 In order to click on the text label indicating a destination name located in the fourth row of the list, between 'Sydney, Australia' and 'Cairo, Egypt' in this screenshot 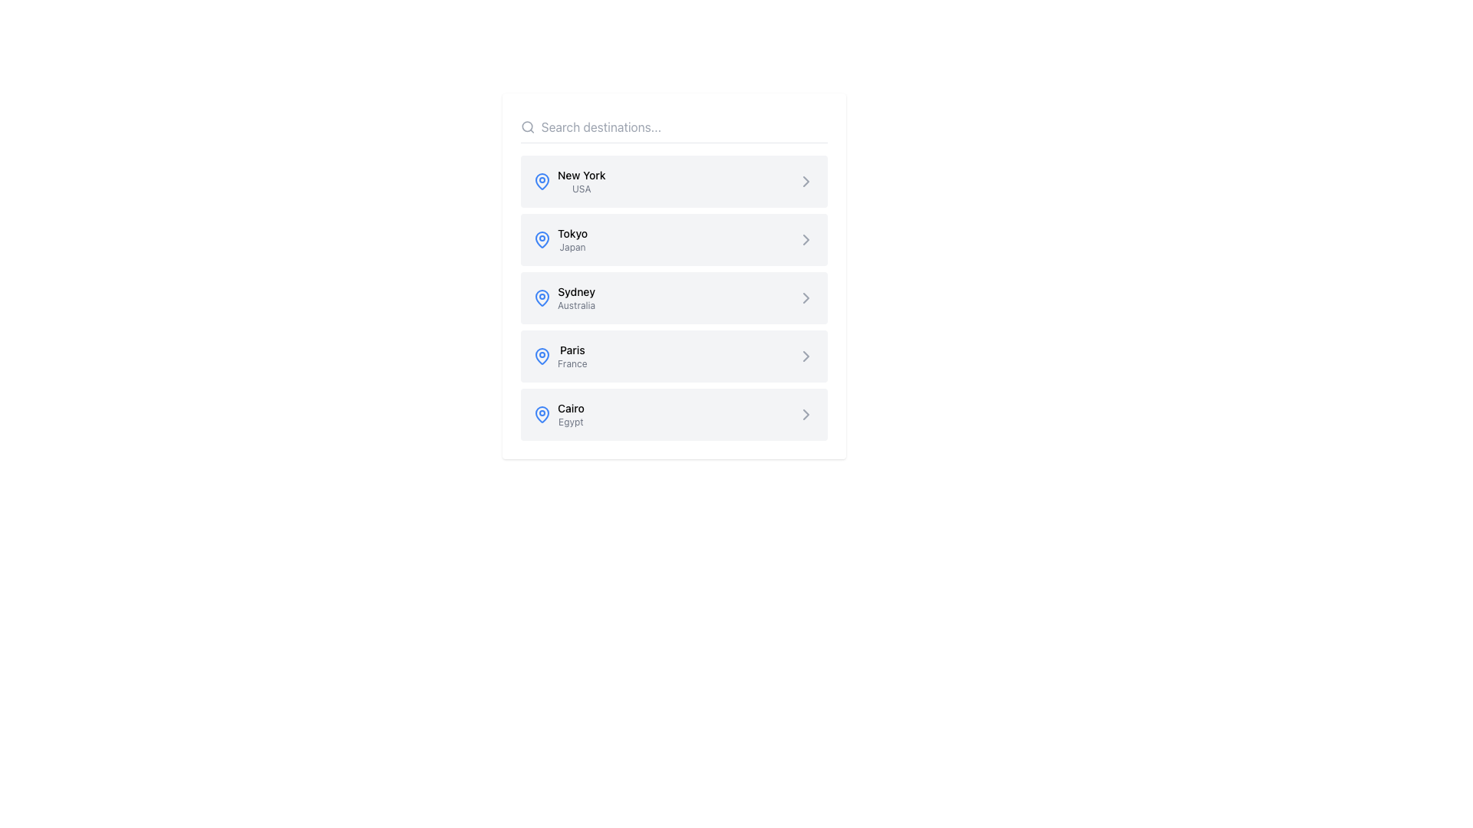, I will do `click(572, 356)`.